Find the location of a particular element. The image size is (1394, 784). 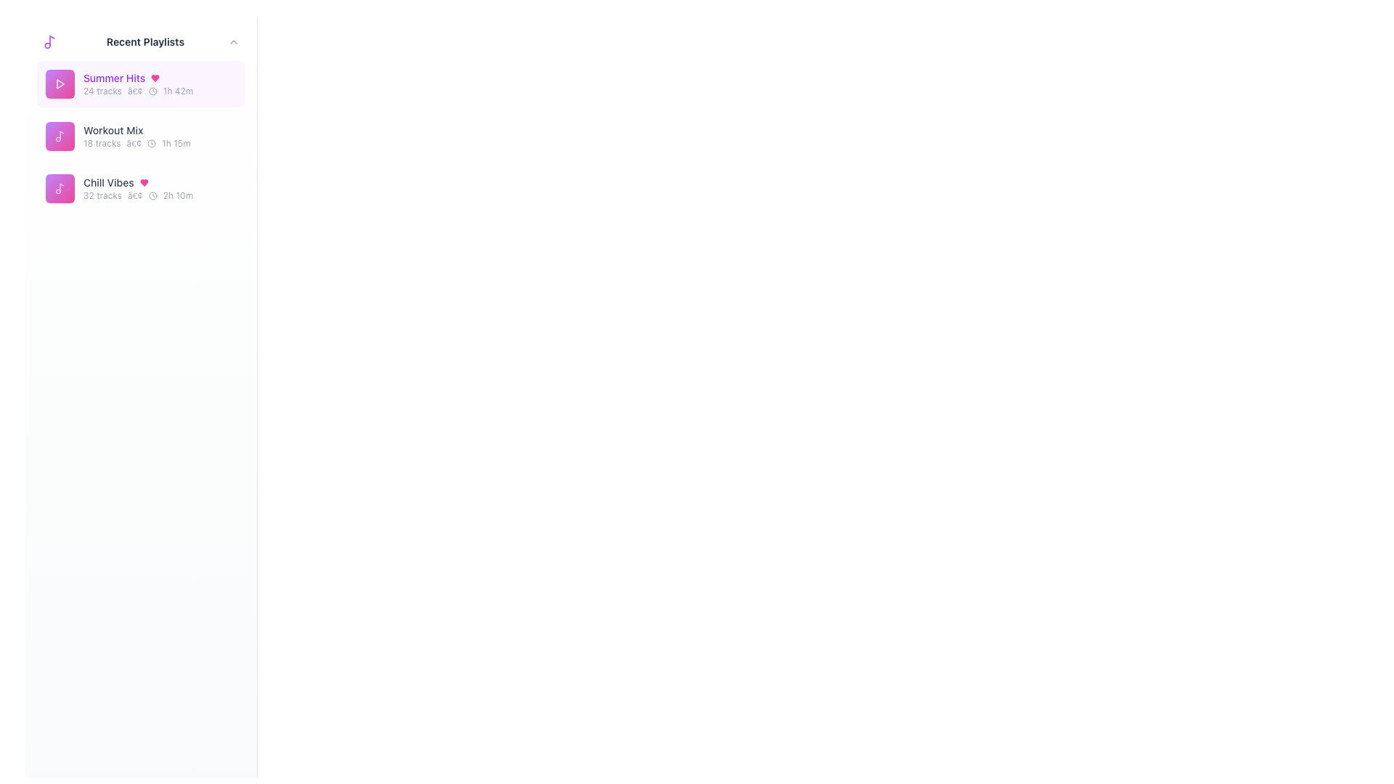

the 'Workout Mix' playlist item is located at coordinates (141, 136).